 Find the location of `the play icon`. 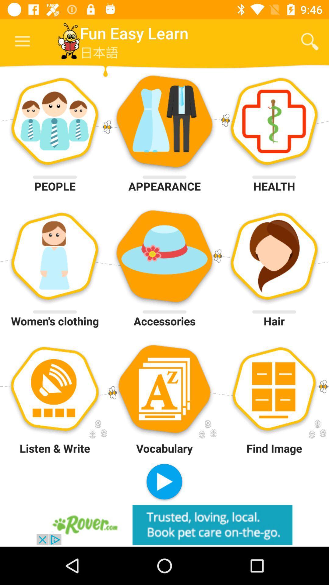

the play icon is located at coordinates (164, 482).